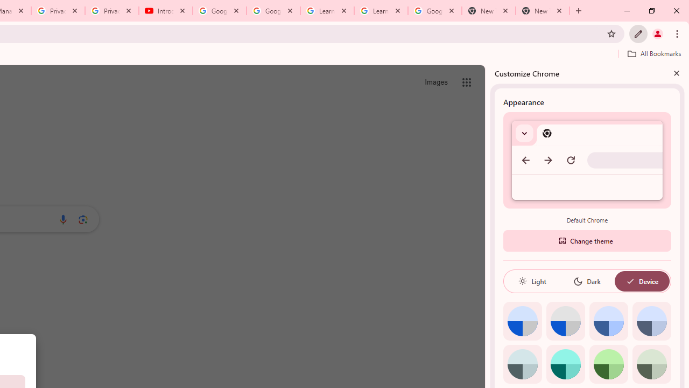 Image resolution: width=689 pixels, height=388 pixels. I want to click on 'Change theme', so click(586, 240).